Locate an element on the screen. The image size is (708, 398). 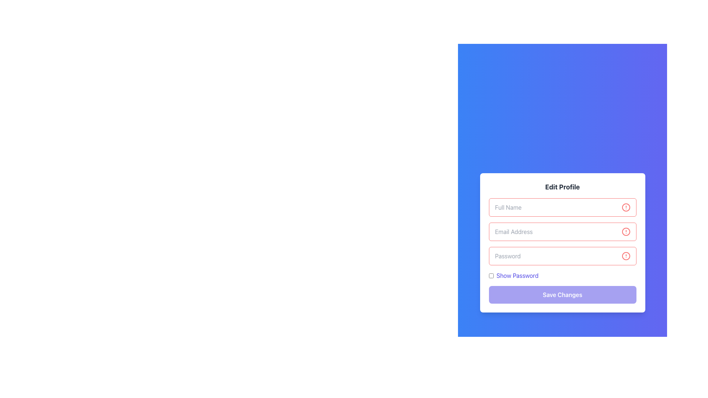
the rectangular input field with a red border and placeholder text 'Full Name' to focus on it is located at coordinates (562, 207).